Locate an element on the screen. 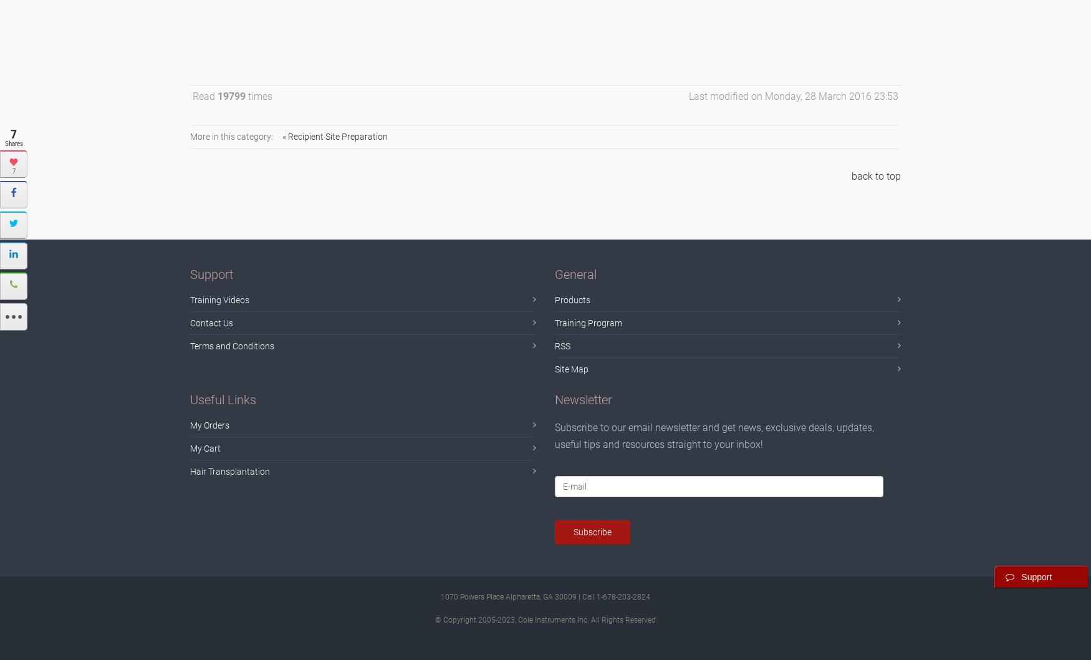  'Read' is located at coordinates (205, 95).